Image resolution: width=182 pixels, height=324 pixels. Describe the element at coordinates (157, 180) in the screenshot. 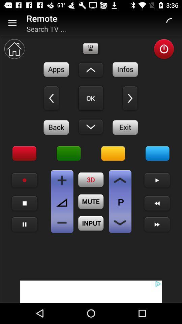

I see `start video playback` at that location.